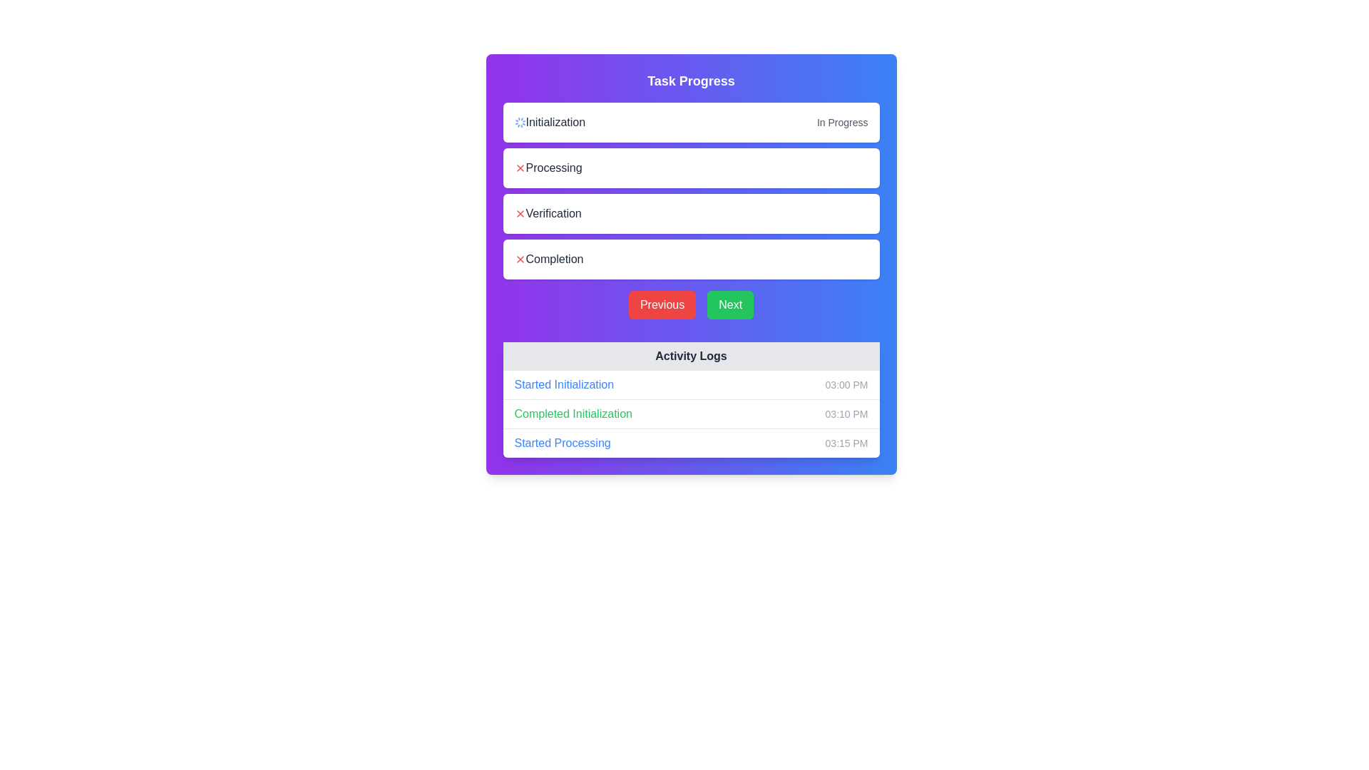 This screenshot has width=1369, height=770. I want to click on the text label displaying '03:00 PM', which is aligned to the right in the activity log table for the log entry 'Started Initialization', so click(846, 385).